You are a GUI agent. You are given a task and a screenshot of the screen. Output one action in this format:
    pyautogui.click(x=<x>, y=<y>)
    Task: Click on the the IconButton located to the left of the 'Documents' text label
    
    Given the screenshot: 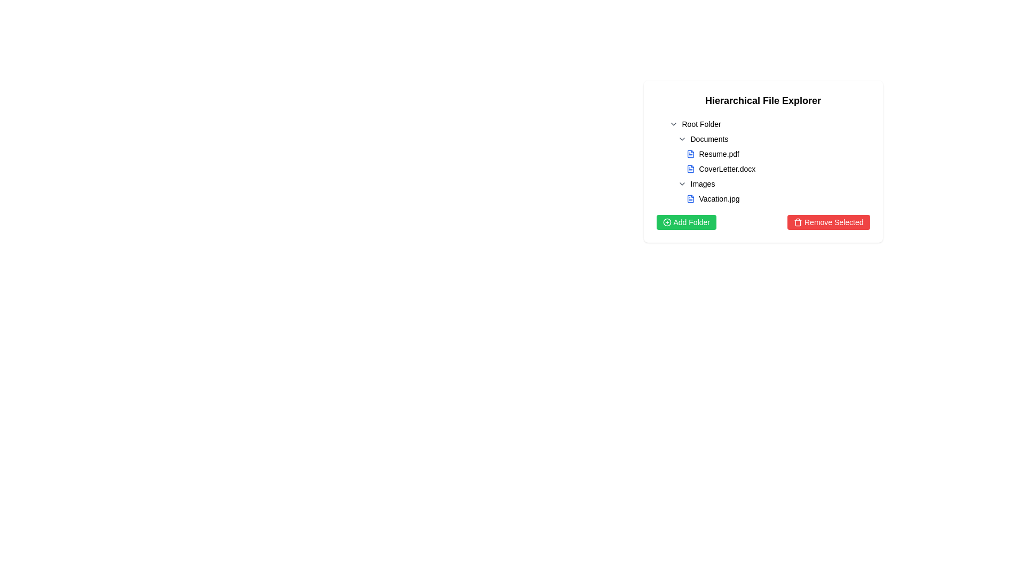 What is the action you would take?
    pyautogui.click(x=681, y=139)
    